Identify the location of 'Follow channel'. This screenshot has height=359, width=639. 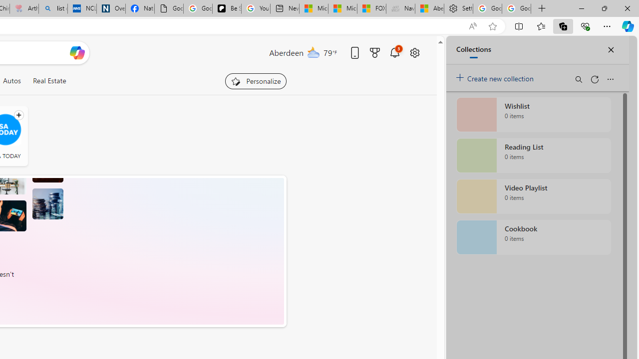
(18, 115).